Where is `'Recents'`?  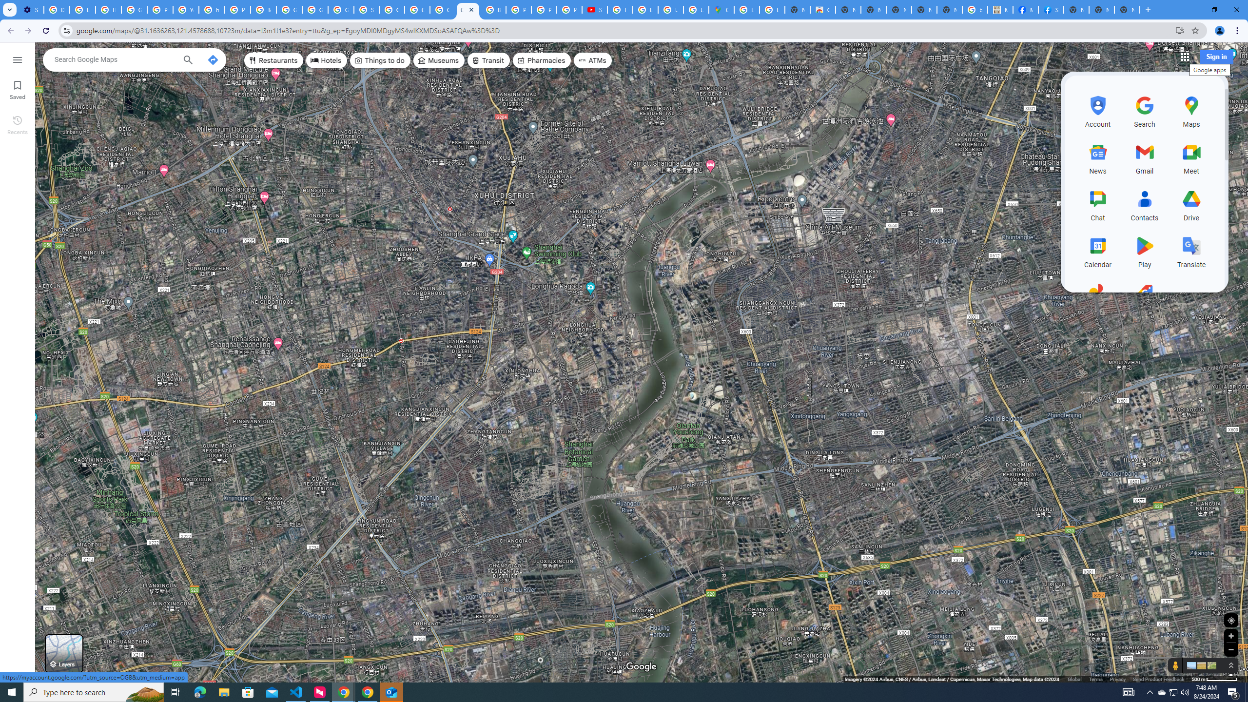 'Recents' is located at coordinates (17, 124).